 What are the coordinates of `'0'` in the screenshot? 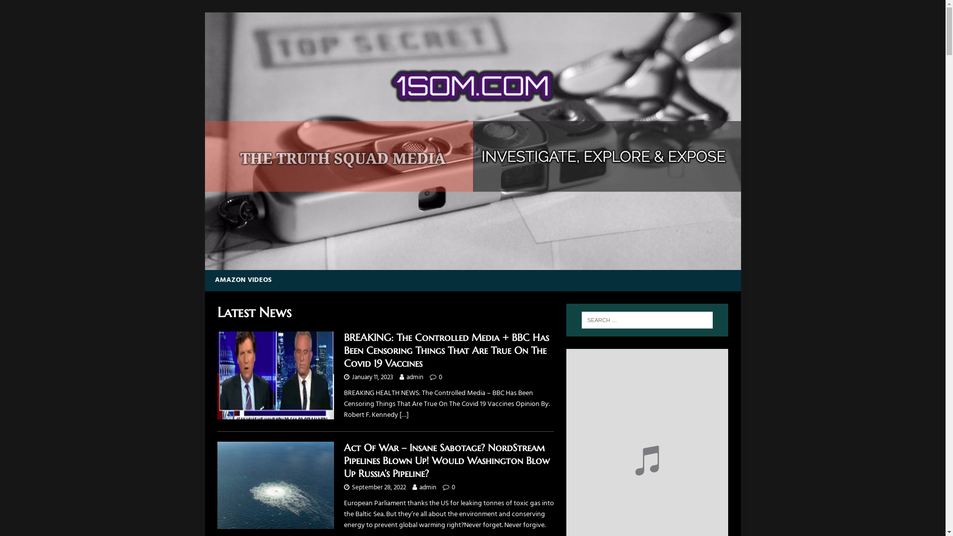 It's located at (451, 487).